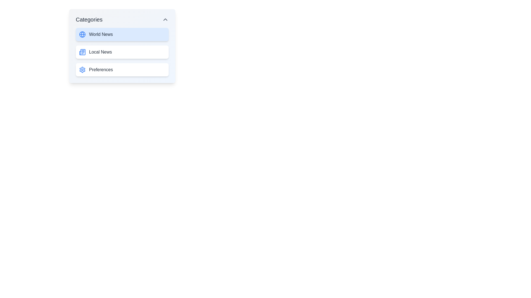 The height and width of the screenshot is (298, 531). I want to click on the newspaper icon element located adjacent to the 'Local News' text within the 'Categories' card, so click(82, 52).